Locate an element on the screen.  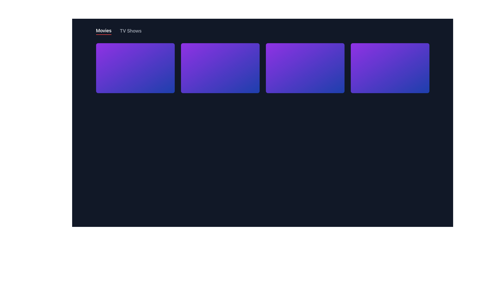
the second interactive button in the 'PlayDetails' group that provides access to details about the associated item is located at coordinates (305, 85).